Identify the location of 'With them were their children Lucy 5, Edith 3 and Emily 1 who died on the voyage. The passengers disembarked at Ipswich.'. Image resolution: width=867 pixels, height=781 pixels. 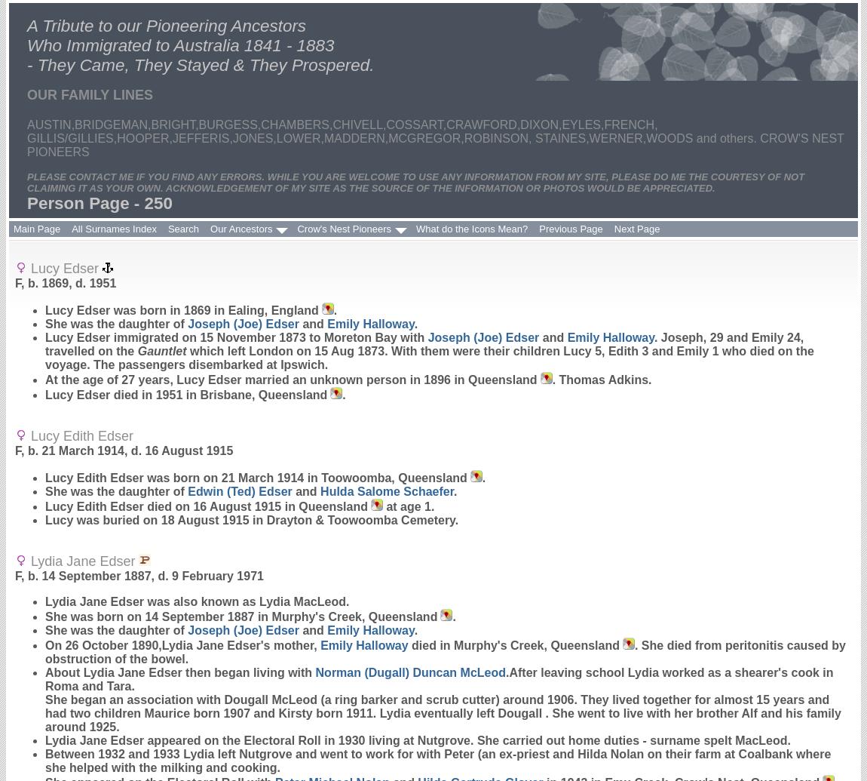
(429, 358).